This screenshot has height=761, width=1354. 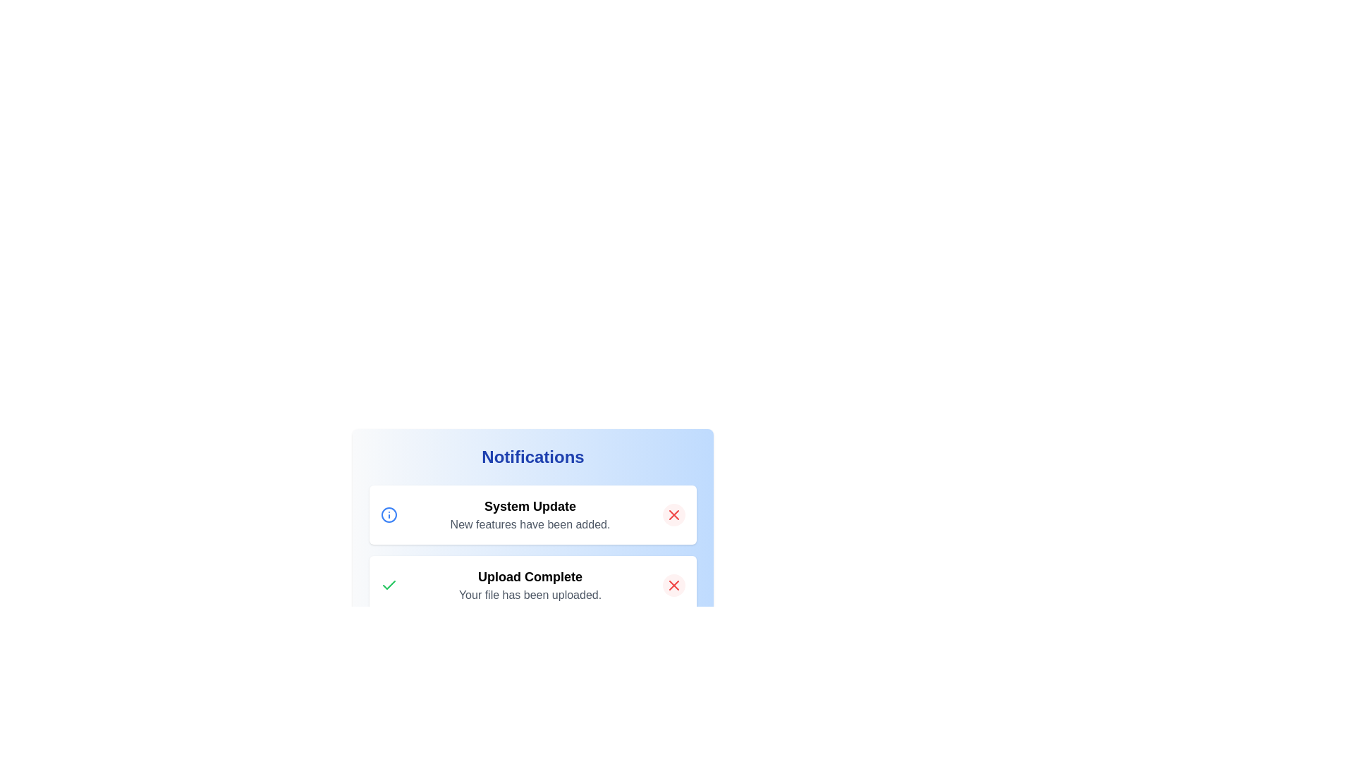 What do you see at coordinates (530, 515) in the screenshot?
I see `the text-based notification message titled 'System Update' within the notification card` at bounding box center [530, 515].